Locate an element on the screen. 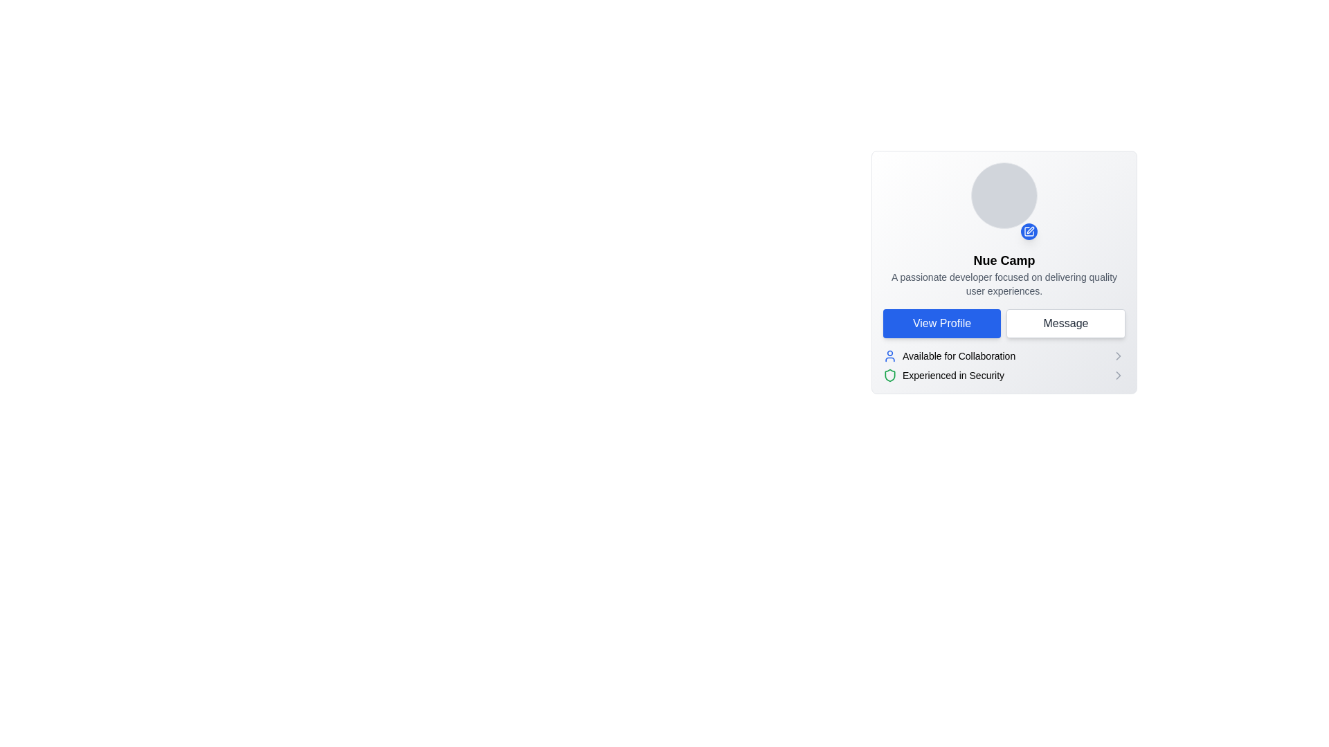 This screenshot has height=747, width=1329. the 'View Profile' button with a blue background and white text to trigger the hover state, changing its background color is located at coordinates (941, 323).